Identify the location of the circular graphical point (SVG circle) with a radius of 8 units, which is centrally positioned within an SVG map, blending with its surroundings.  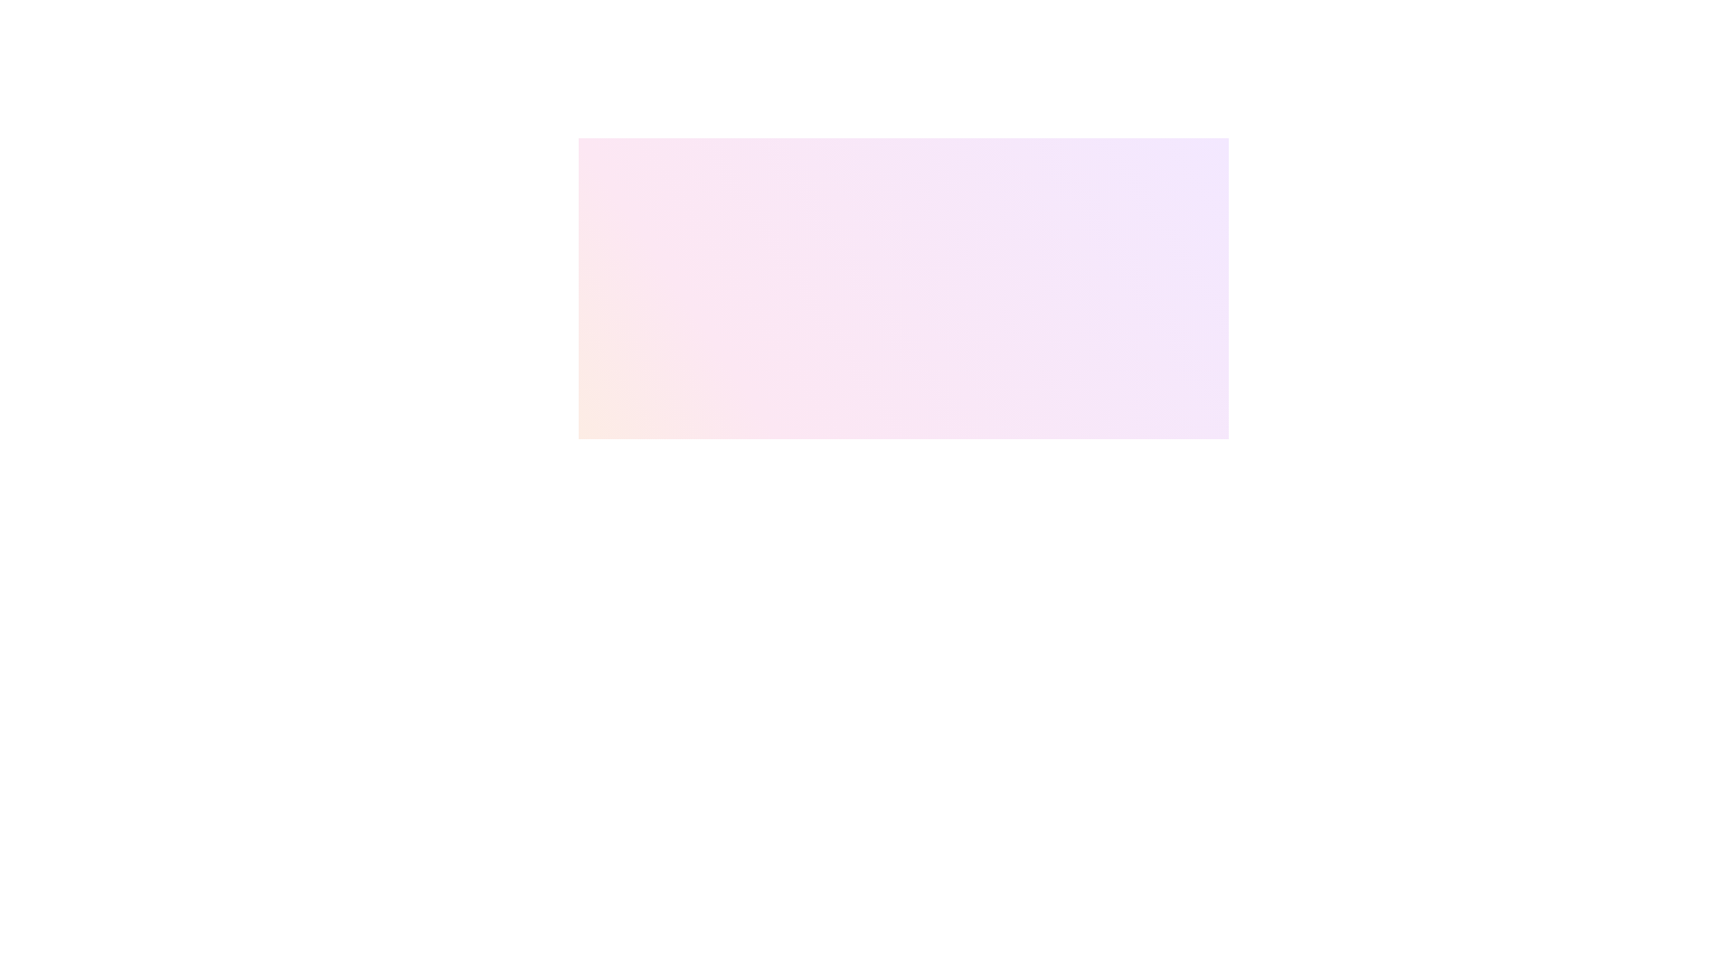
(959, 495).